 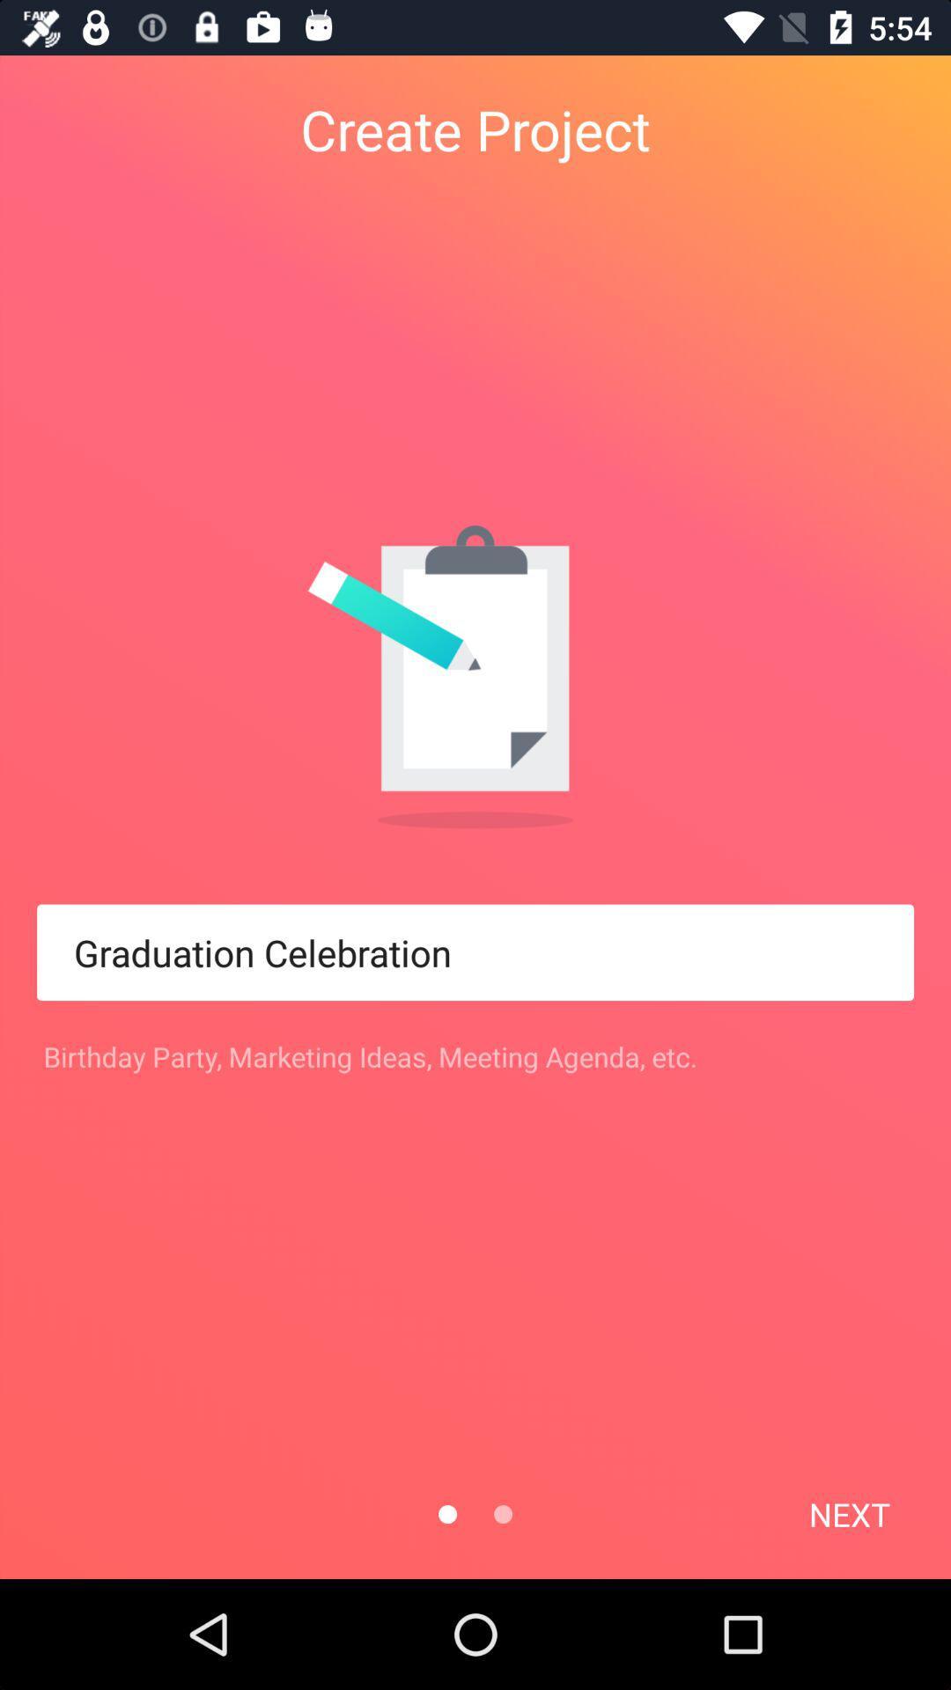 What do you see at coordinates (848, 1513) in the screenshot?
I see `the next icon` at bounding box center [848, 1513].